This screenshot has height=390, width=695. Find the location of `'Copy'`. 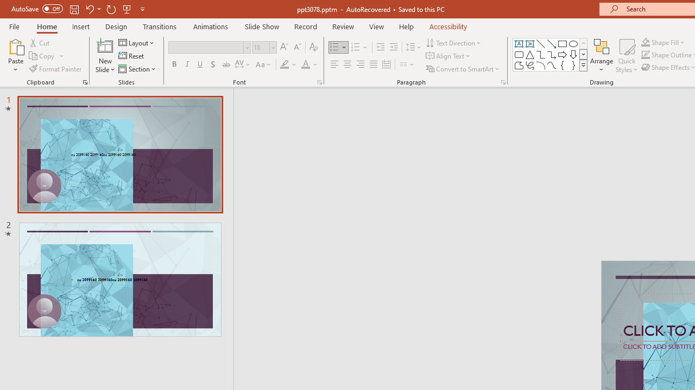

'Copy' is located at coordinates (42, 56).